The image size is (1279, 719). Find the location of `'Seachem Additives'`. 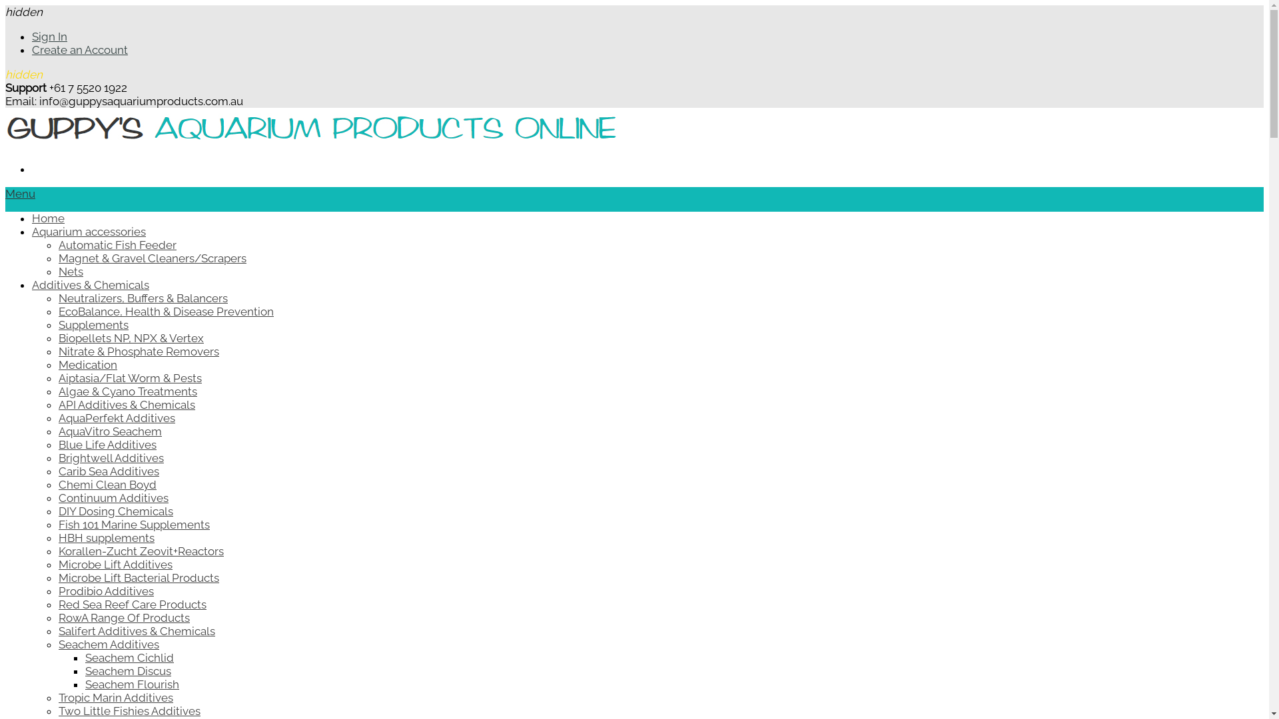

'Seachem Additives' is located at coordinates (109, 644).